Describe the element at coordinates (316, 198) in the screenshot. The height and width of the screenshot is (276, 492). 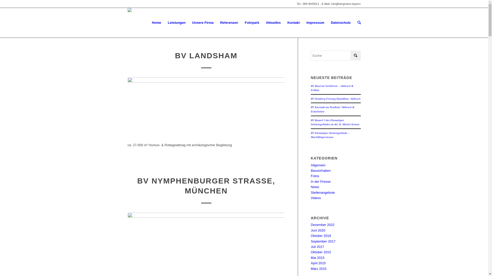
I see `'Videos'` at that location.